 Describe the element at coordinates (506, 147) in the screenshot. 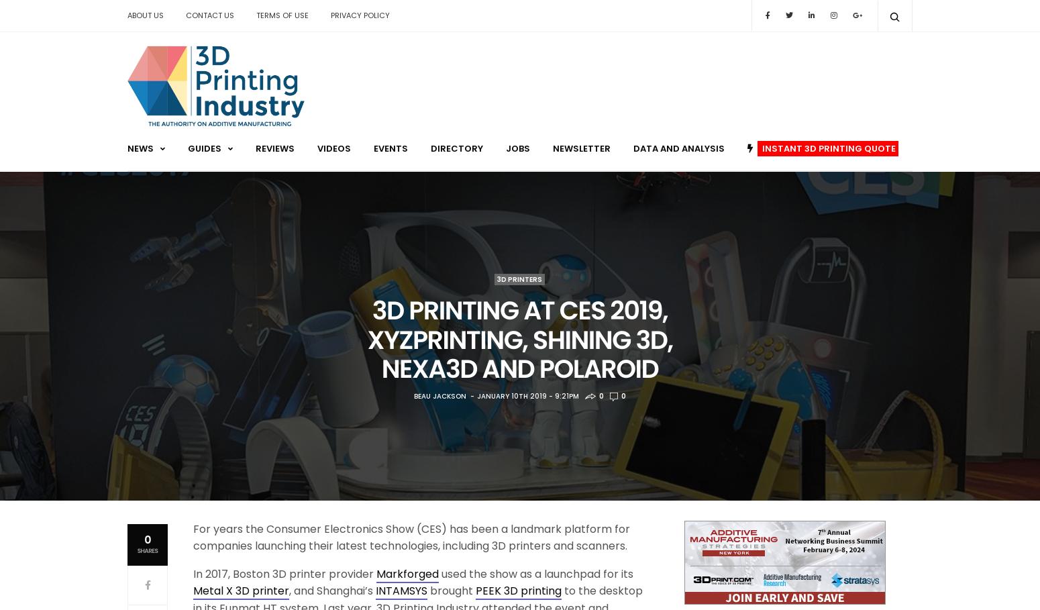

I see `'Jobs'` at that location.